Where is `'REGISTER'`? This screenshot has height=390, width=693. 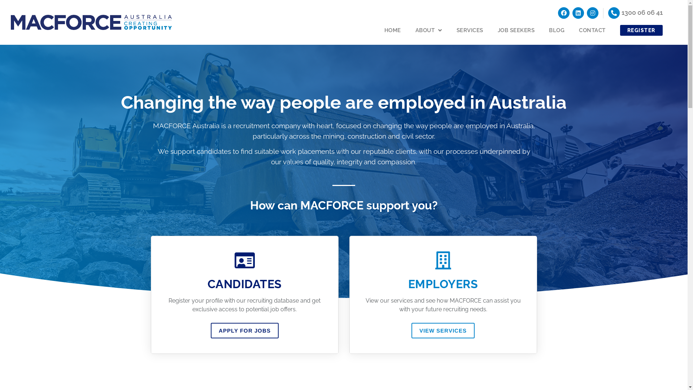
'REGISTER' is located at coordinates (641, 30).